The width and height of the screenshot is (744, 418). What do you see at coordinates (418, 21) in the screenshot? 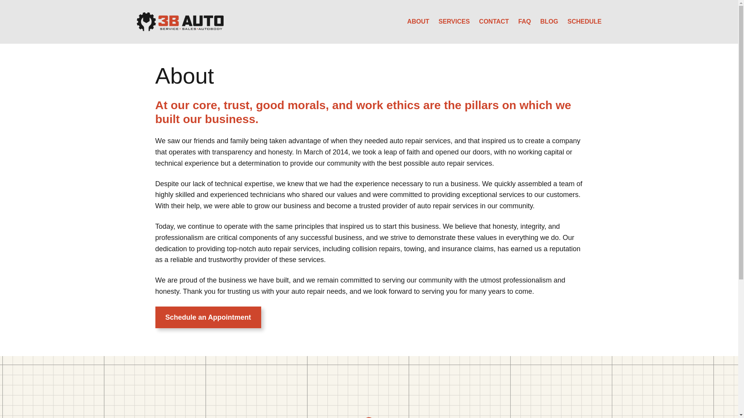
I see `'ABOUT'` at bounding box center [418, 21].